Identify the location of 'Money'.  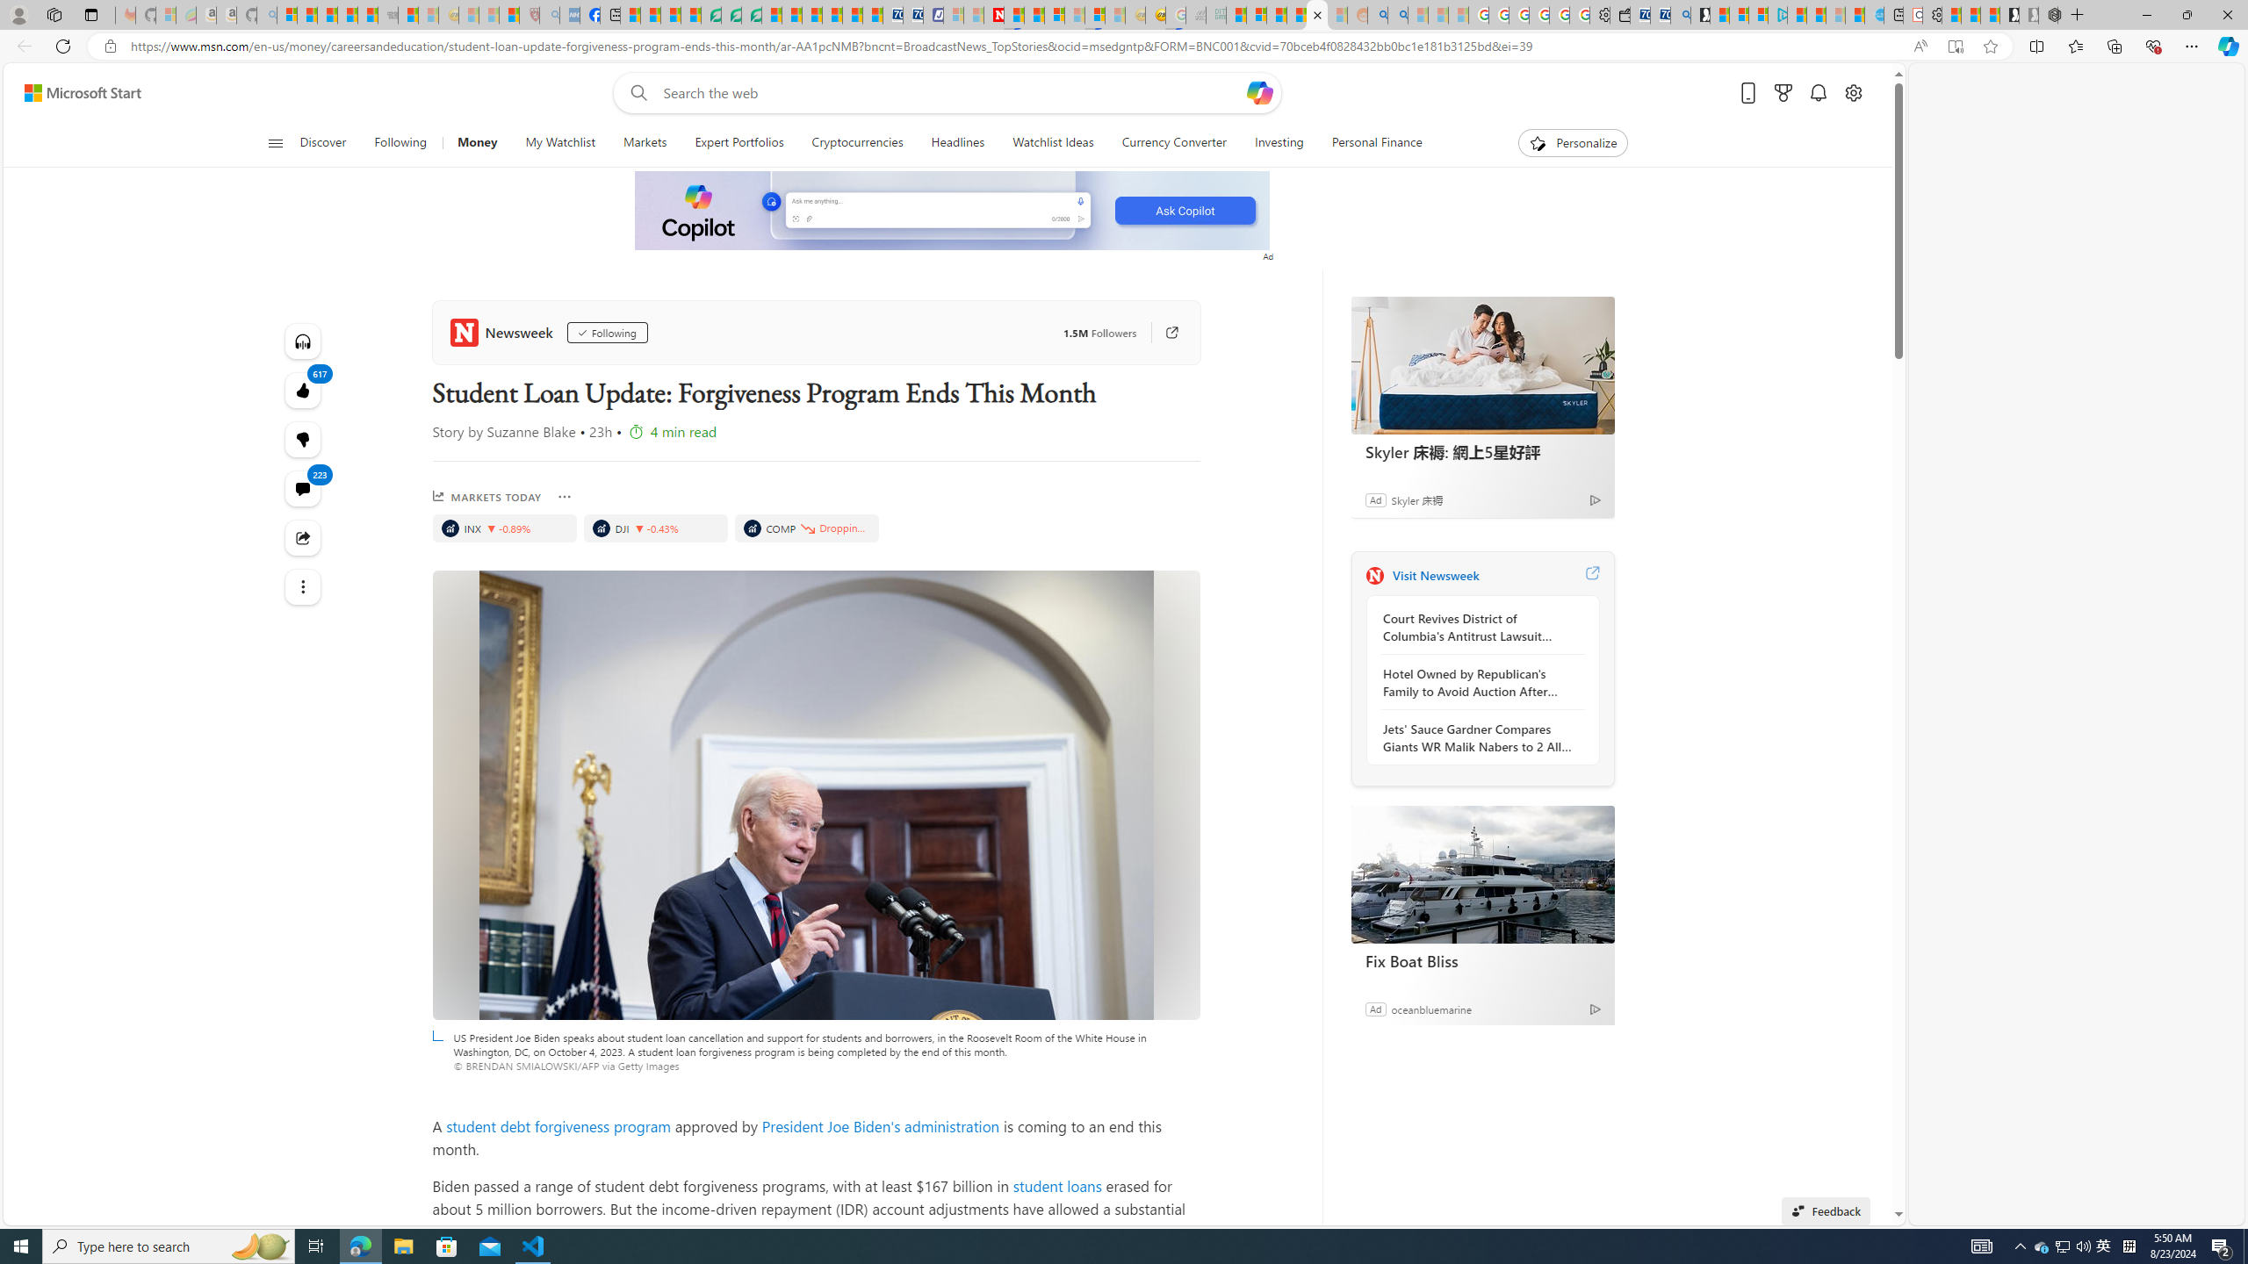
(476, 142).